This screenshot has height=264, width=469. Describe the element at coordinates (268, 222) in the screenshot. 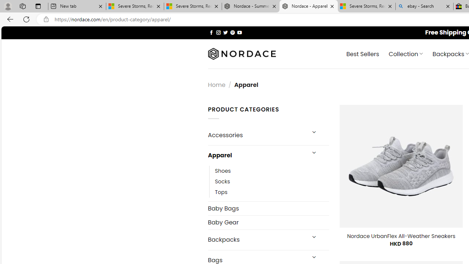

I see `'Baby Gear'` at that location.